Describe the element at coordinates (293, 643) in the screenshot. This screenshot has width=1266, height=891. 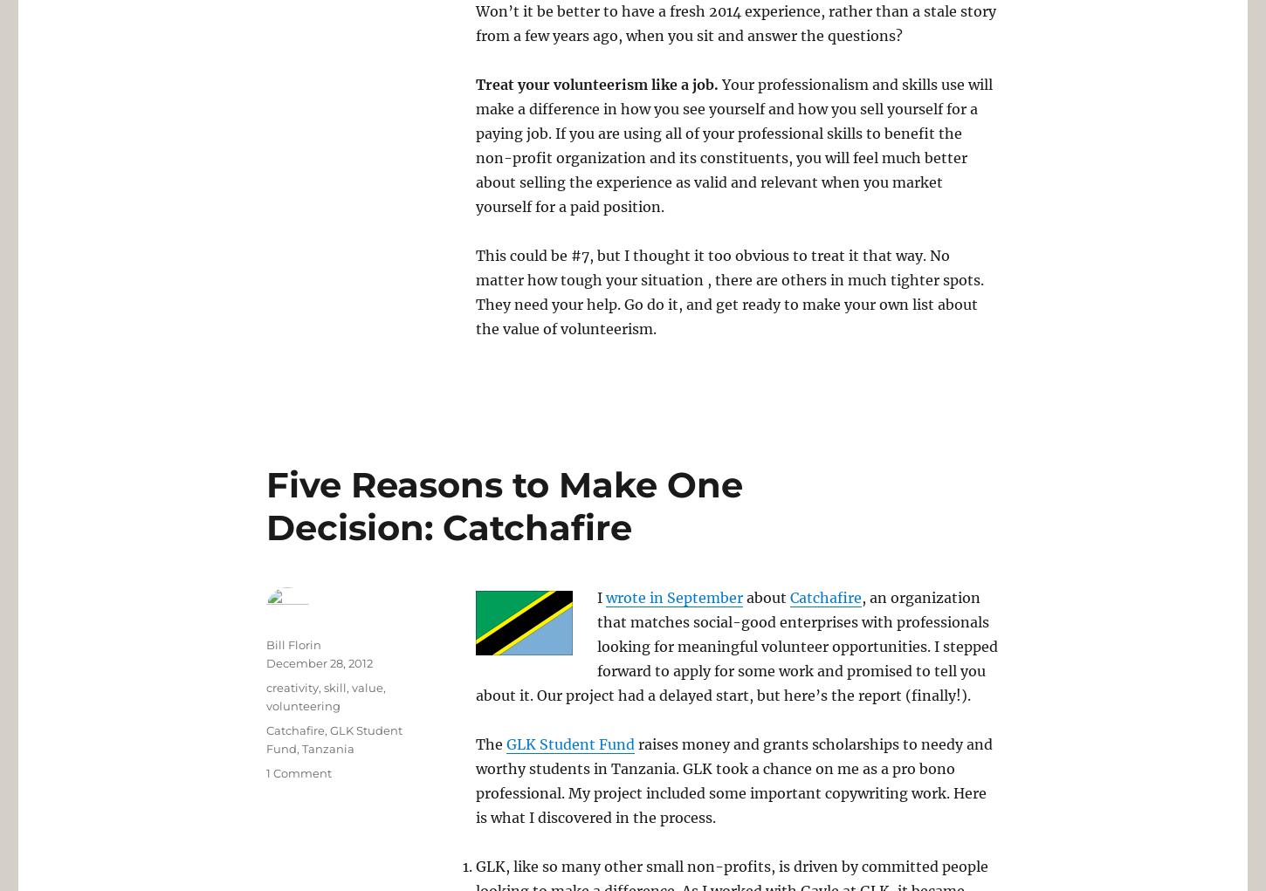
I see `'Bill Florin'` at that location.